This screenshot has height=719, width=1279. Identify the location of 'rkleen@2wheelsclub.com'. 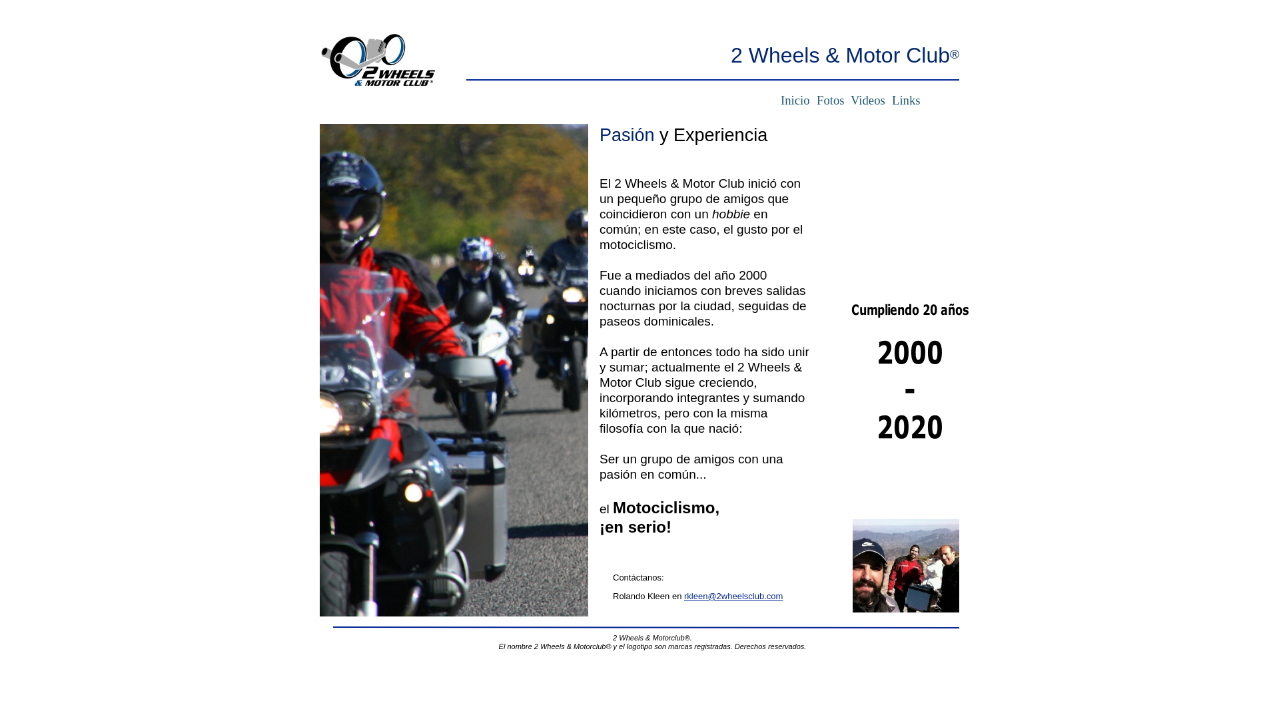
(732, 595).